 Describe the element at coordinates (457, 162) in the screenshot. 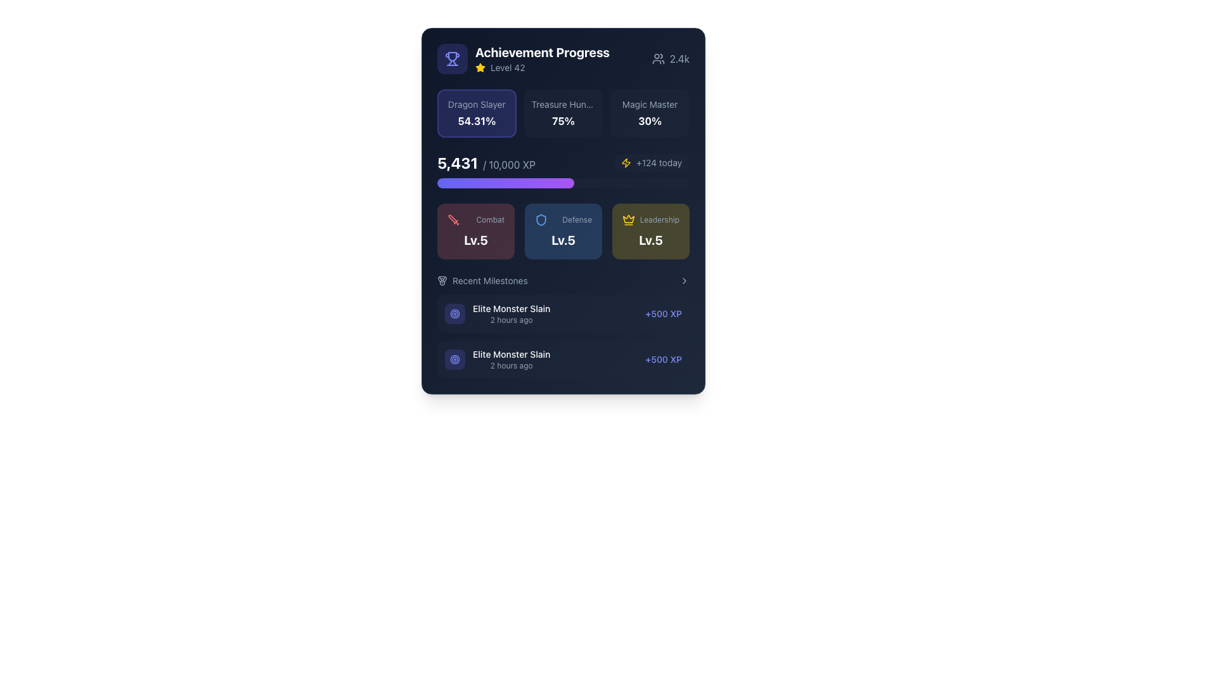

I see `numeric value displayed in the XP text label, which indicates the user's current experience points, located on the left side of the '5,431 / 10,000 XP' text` at that location.